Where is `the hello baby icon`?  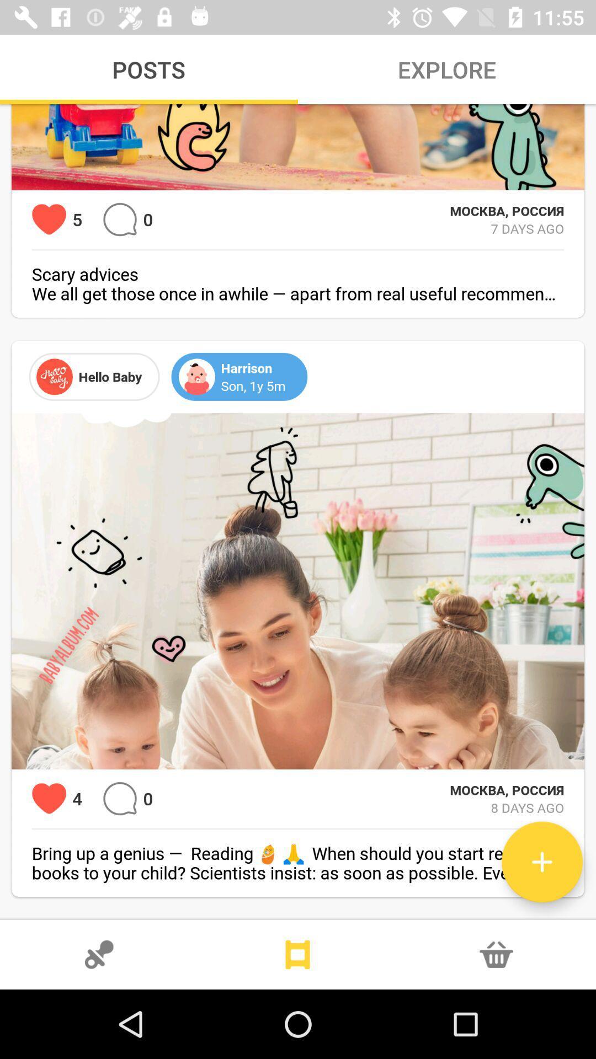
the hello baby icon is located at coordinates (55, 376).